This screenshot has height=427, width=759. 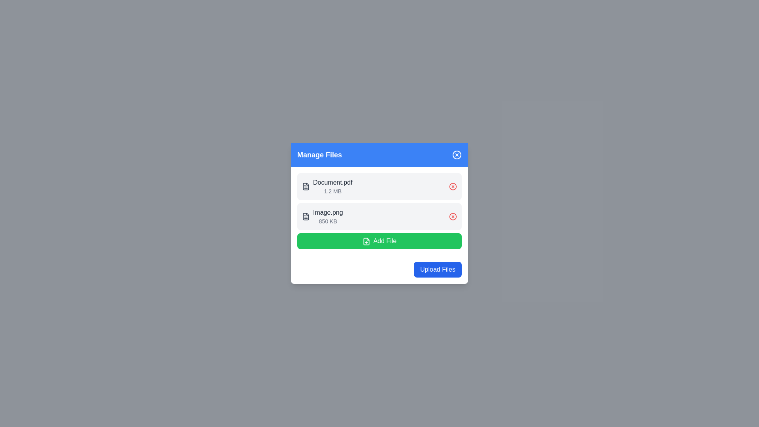 I want to click on the file upload button located at the bottom-right corner of the white card interface, so click(x=379, y=269).